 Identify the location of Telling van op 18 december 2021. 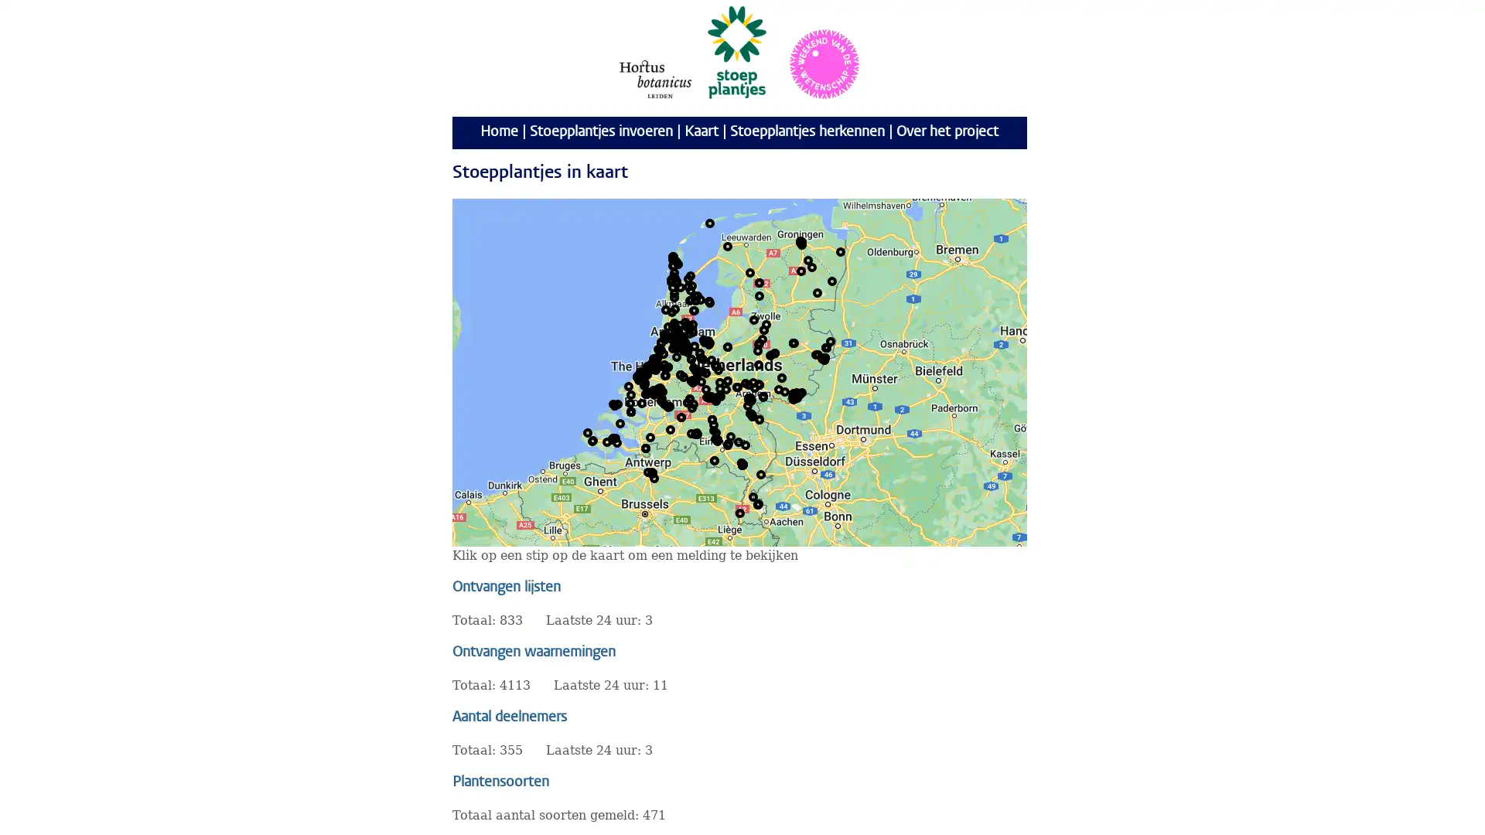
(725, 387).